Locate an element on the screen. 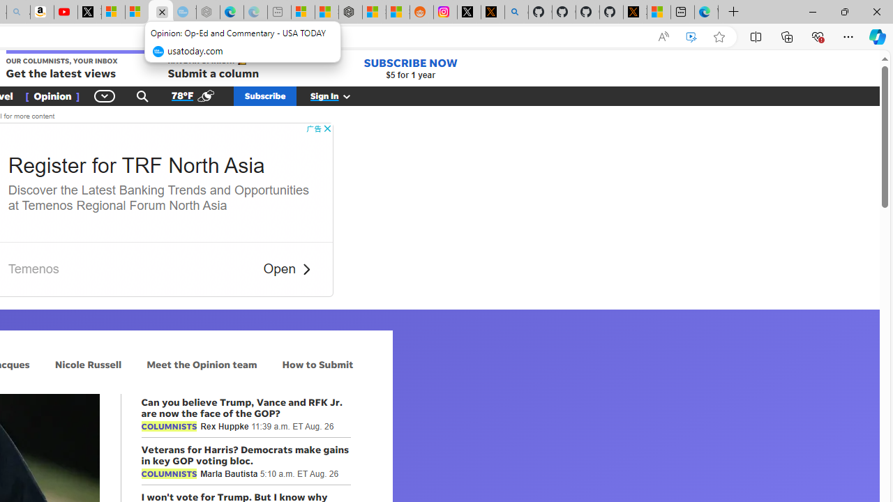  'Restore' is located at coordinates (843, 11).